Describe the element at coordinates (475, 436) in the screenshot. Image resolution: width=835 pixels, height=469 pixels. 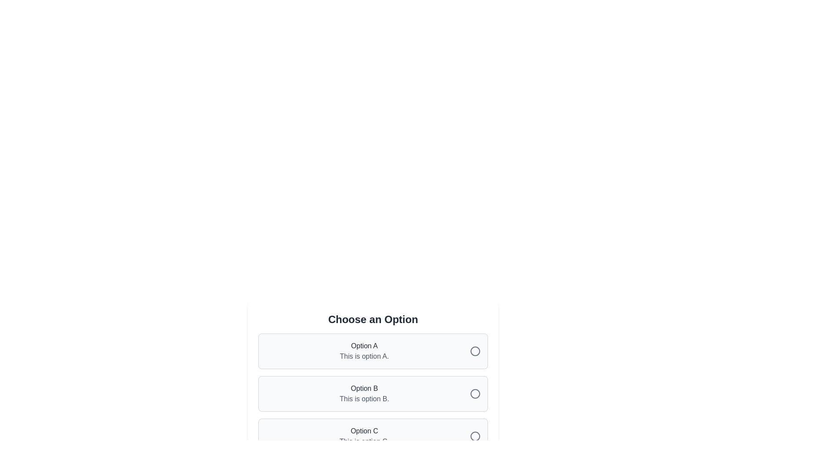
I see `the radio button located to the far right of the content block labeled 'Option C'` at that location.